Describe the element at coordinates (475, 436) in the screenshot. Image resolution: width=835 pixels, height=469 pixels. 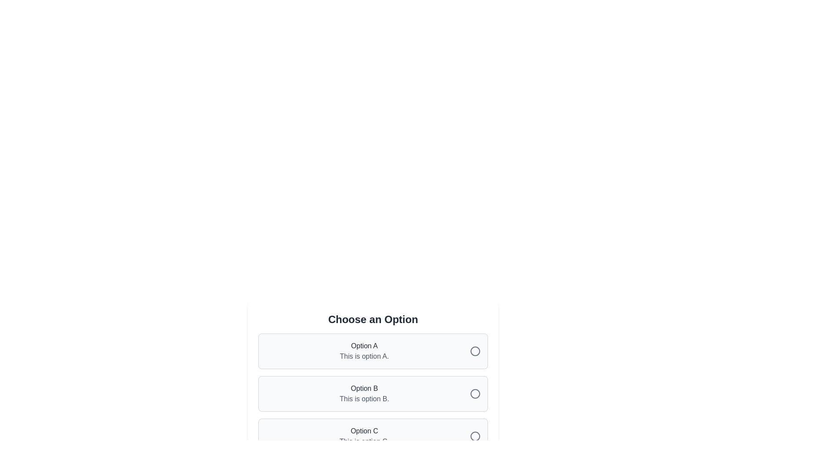
I see `the radio button located to the far right of the content block labeled 'Option C'` at that location.